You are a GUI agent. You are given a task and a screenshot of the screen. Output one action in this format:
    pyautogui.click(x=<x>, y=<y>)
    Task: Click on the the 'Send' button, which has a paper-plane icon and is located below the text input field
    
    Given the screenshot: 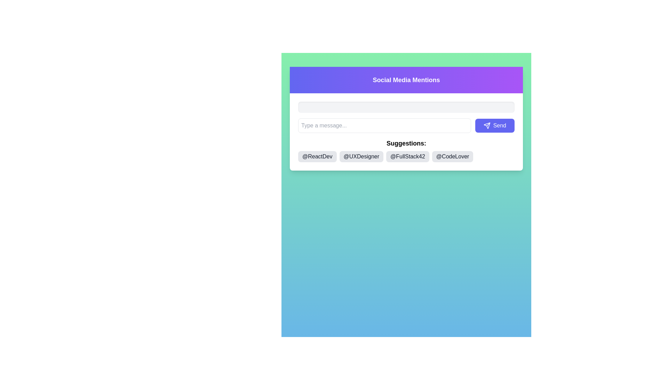 What is the action you would take?
    pyautogui.click(x=494, y=126)
    